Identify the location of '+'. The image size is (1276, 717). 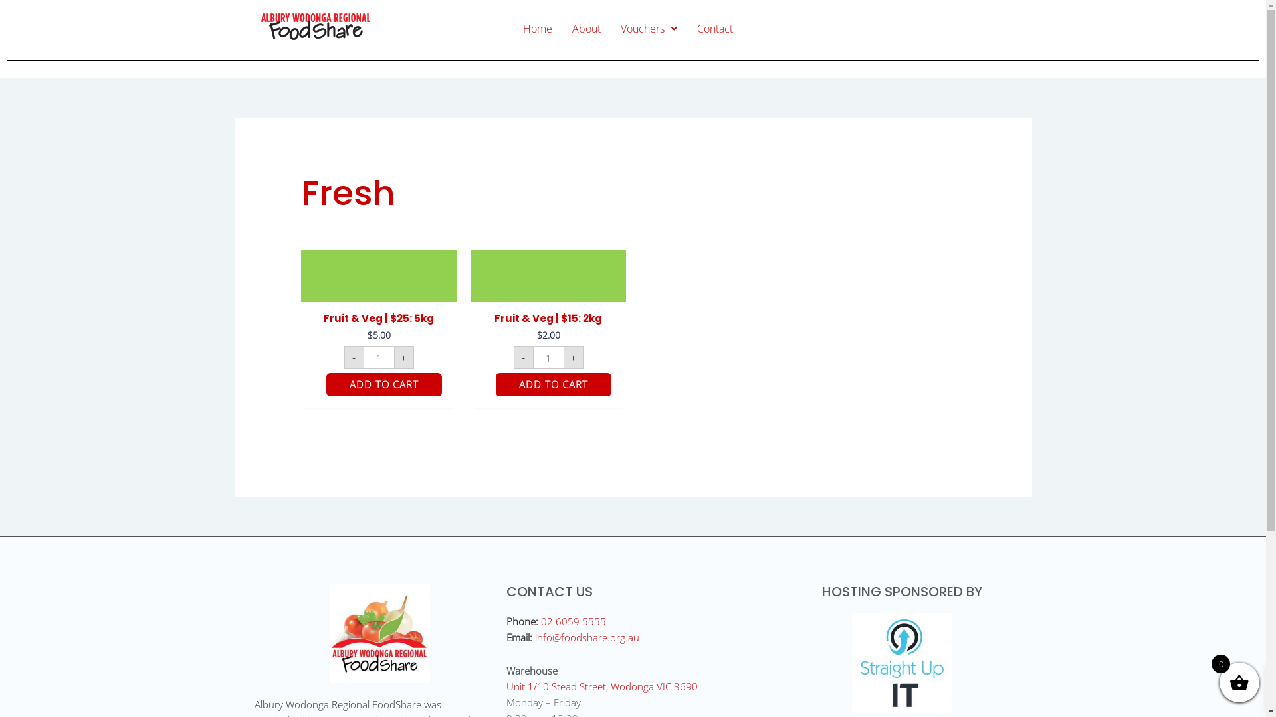
(403, 357).